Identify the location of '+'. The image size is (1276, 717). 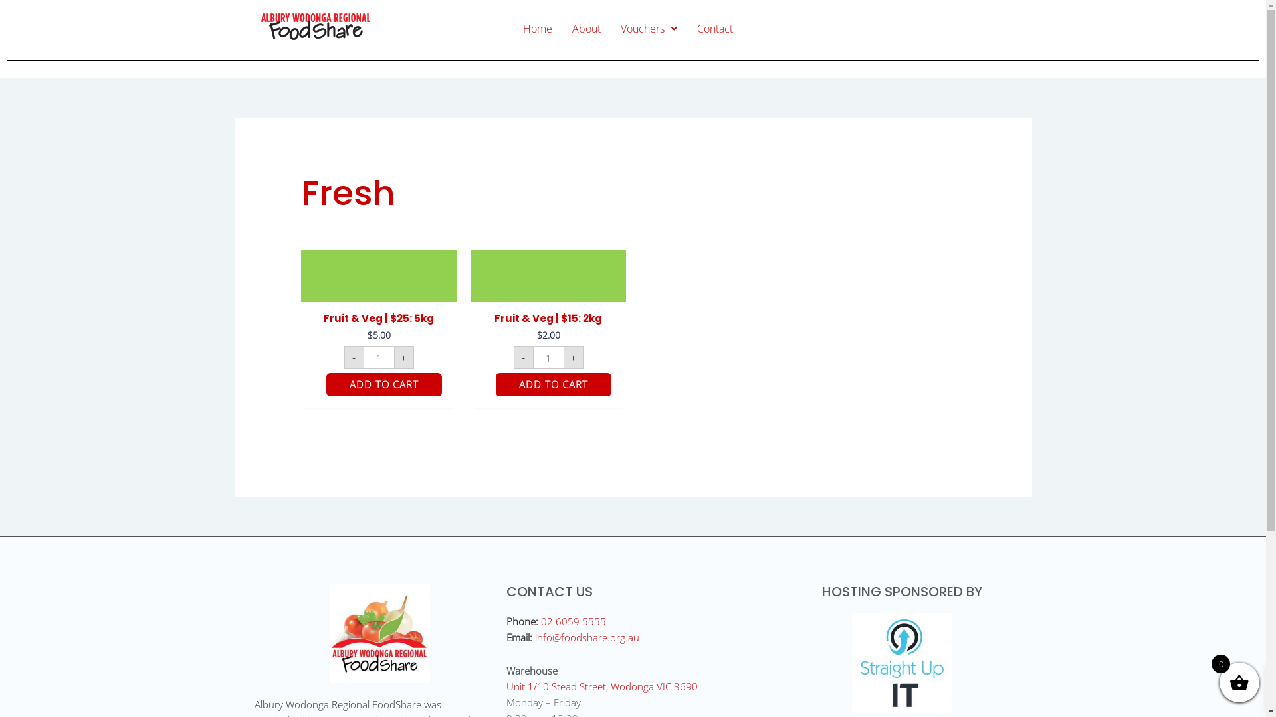
(403, 357).